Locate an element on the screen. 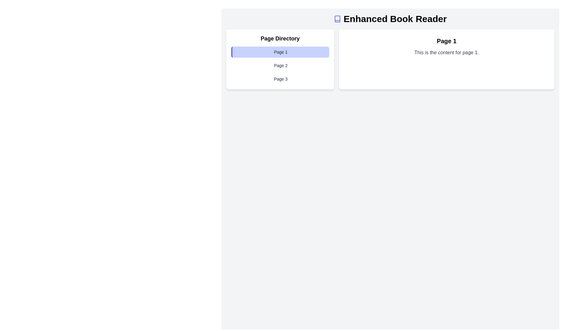 The image size is (588, 331). the 'Page 1' button in the Page Directory is located at coordinates (280, 51).